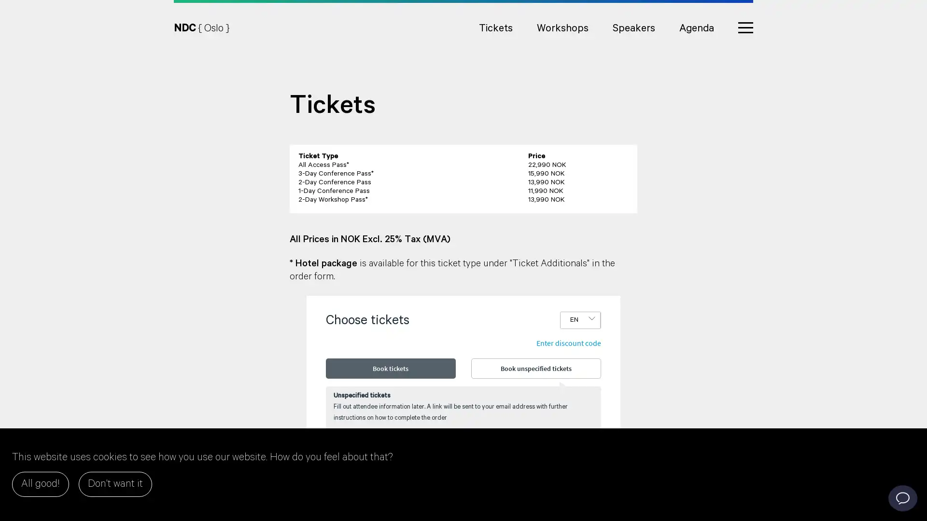 The height and width of the screenshot is (521, 927). Describe the element at coordinates (592, 462) in the screenshot. I see `Add one more ticket` at that location.